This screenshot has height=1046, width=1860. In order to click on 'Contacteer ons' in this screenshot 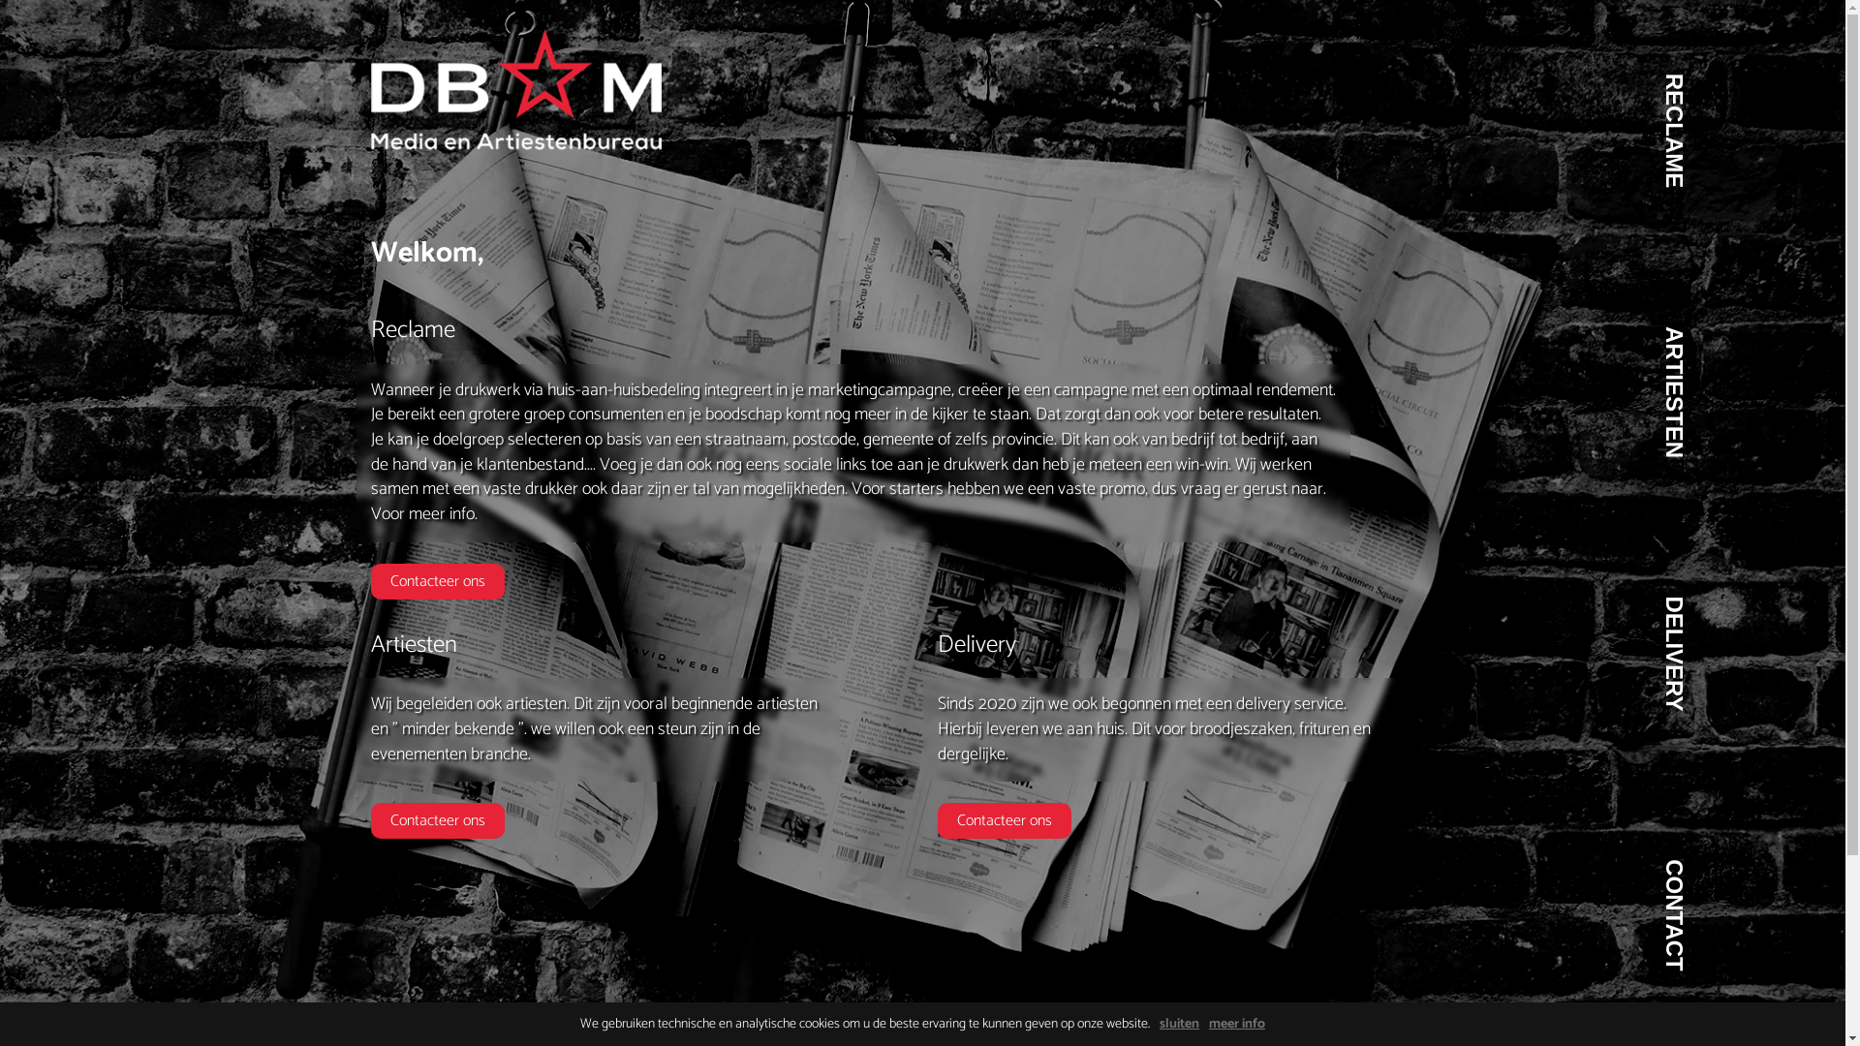, I will do `click(938, 820)`.